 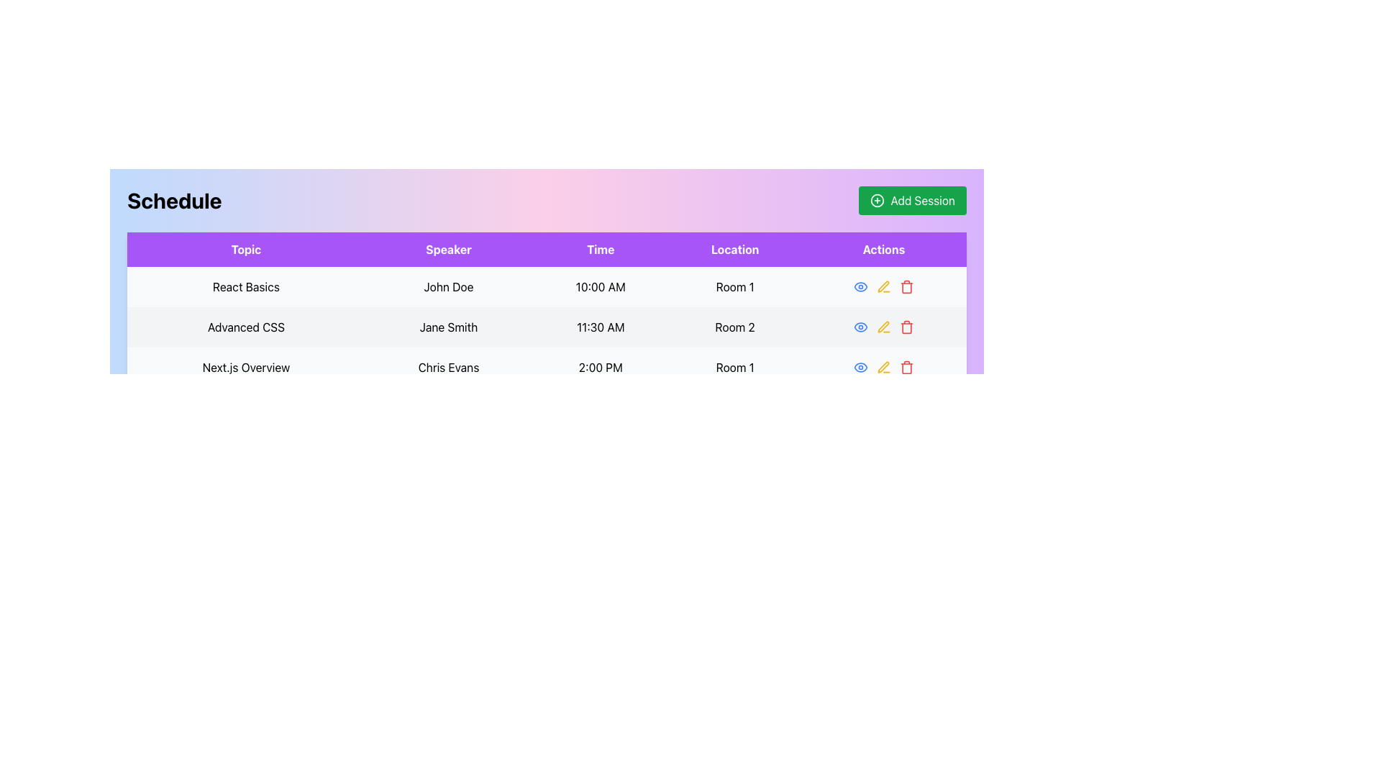 I want to click on the small circular SVG Circle Element that is part of the 'circle-plus' icon located near the 'Add Session' button, so click(x=877, y=200).